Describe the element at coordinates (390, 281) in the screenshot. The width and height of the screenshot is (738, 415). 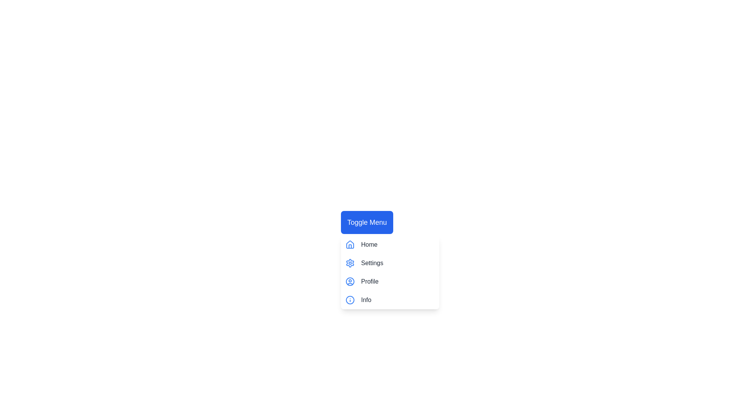
I see `the menu item Profile to highlight it` at that location.